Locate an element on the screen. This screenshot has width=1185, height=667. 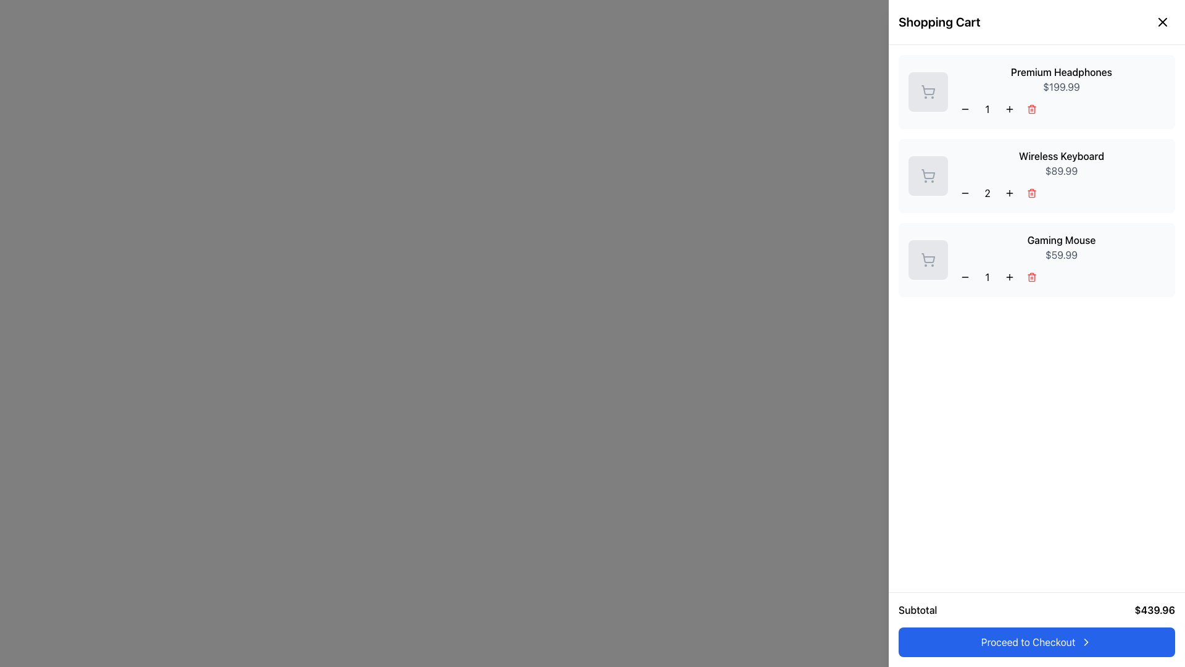
the small plus icon button, which is located between the decrement and trash can icons for the 'Premium Headphones' item in the cart is located at coordinates (1010, 109).